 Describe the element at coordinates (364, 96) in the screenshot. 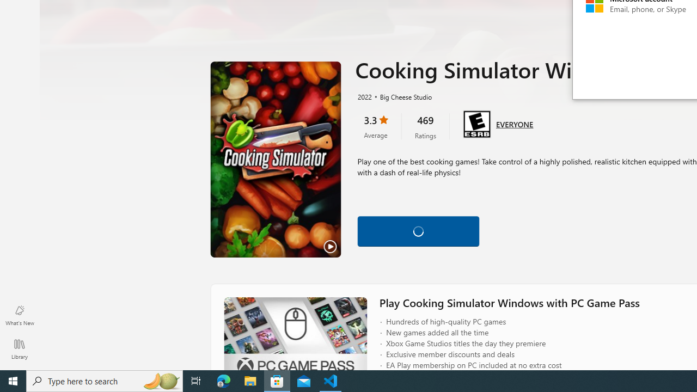

I see `'2022'` at that location.